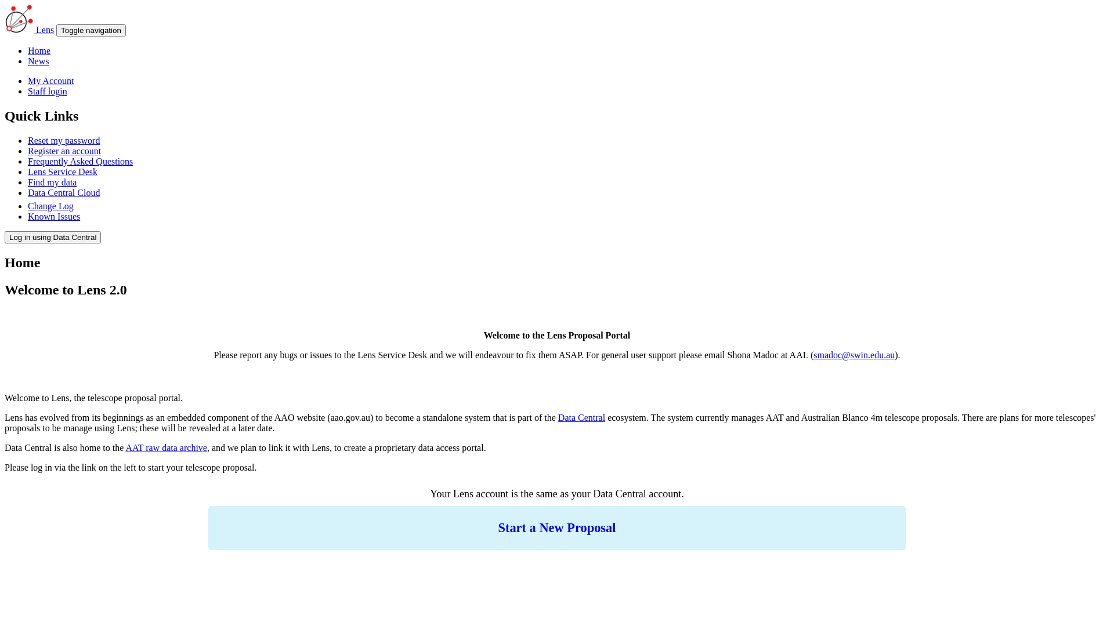 The image size is (1114, 626). I want to click on 'Lens', so click(45, 29).